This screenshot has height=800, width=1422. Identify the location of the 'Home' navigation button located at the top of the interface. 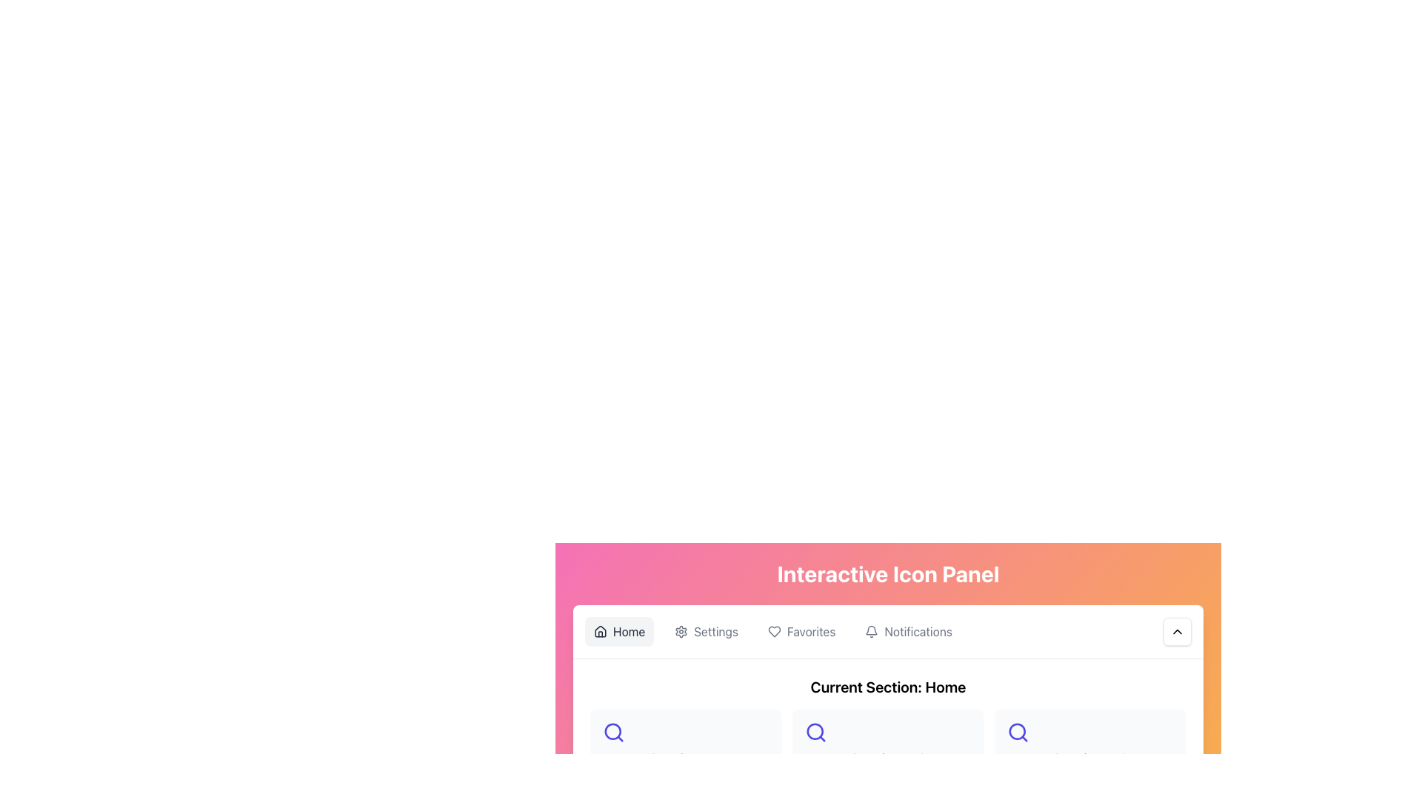
(619, 631).